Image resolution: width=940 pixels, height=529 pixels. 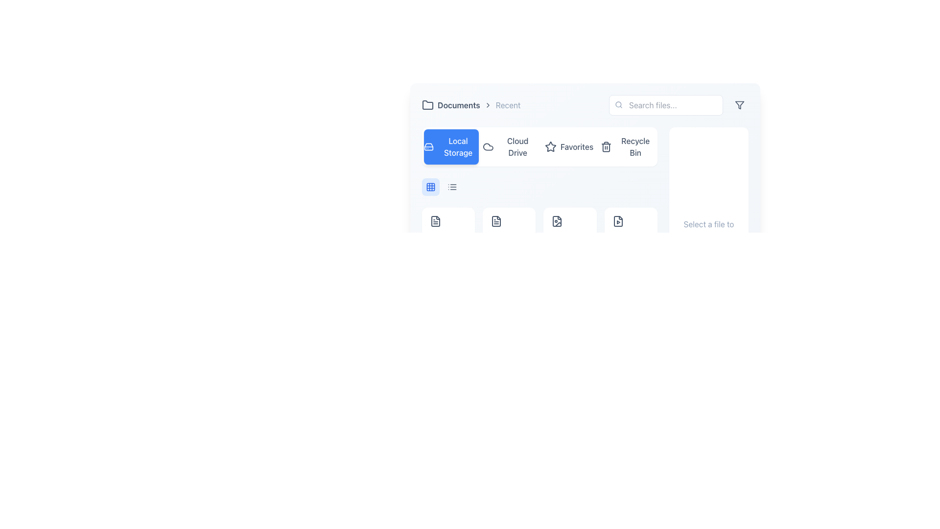 I want to click on the toolbar containing action buttons for changing display modes, located below the navigation bar and above the grid of file icons, so click(x=539, y=187).